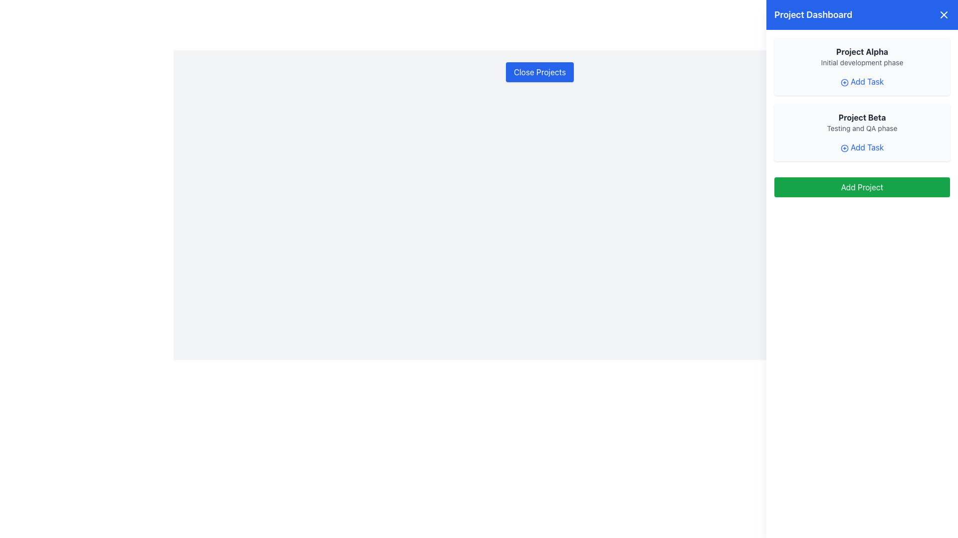 This screenshot has width=958, height=538. Describe the element at coordinates (862, 147) in the screenshot. I see `the blue hyperlink styled as 'Add Task' located in the 'Project Beta' section` at that location.